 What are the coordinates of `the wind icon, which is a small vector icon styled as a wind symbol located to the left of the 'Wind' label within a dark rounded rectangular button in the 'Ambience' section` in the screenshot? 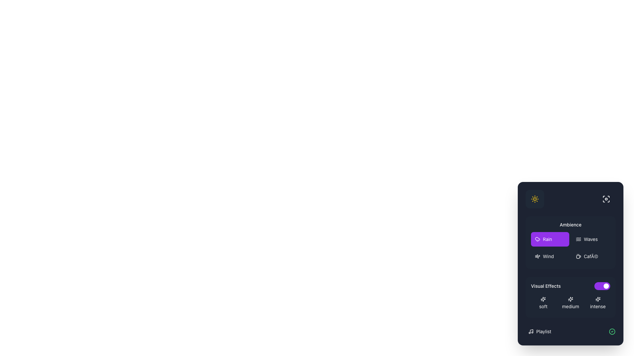 It's located at (537, 256).